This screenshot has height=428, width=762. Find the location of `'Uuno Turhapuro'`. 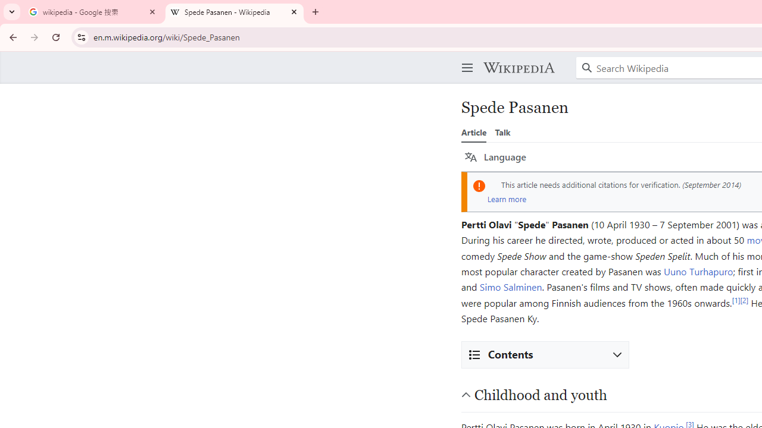

'Uuno Turhapuro' is located at coordinates (698, 271).